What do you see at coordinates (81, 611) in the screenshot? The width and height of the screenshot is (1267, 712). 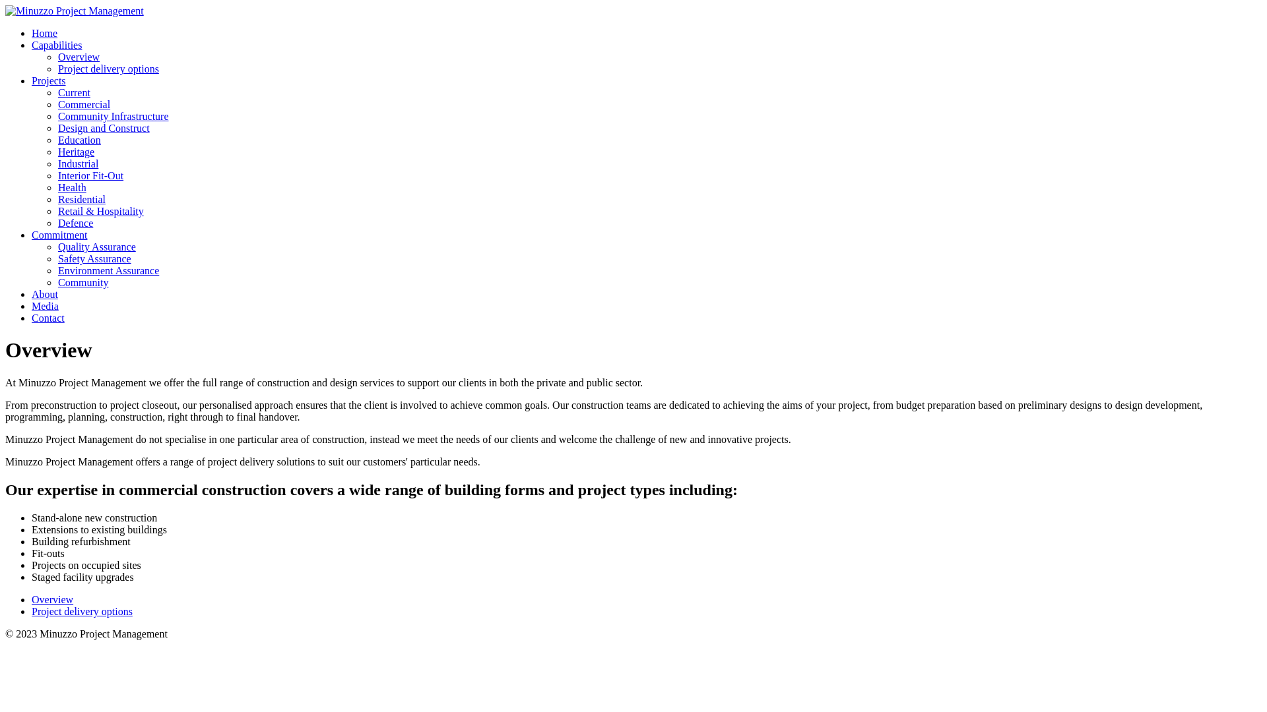 I see `'Project delivery options'` at bounding box center [81, 611].